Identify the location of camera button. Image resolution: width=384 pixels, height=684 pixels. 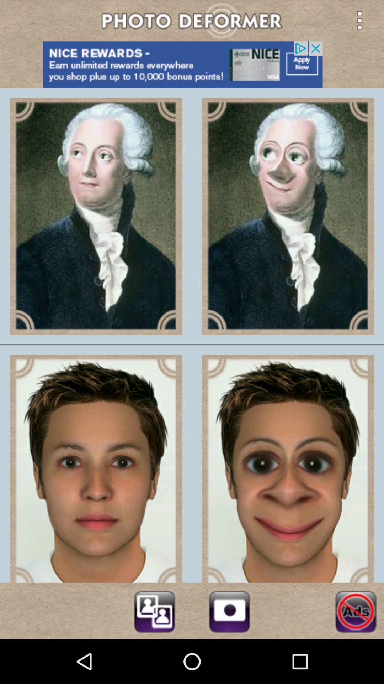
(229, 610).